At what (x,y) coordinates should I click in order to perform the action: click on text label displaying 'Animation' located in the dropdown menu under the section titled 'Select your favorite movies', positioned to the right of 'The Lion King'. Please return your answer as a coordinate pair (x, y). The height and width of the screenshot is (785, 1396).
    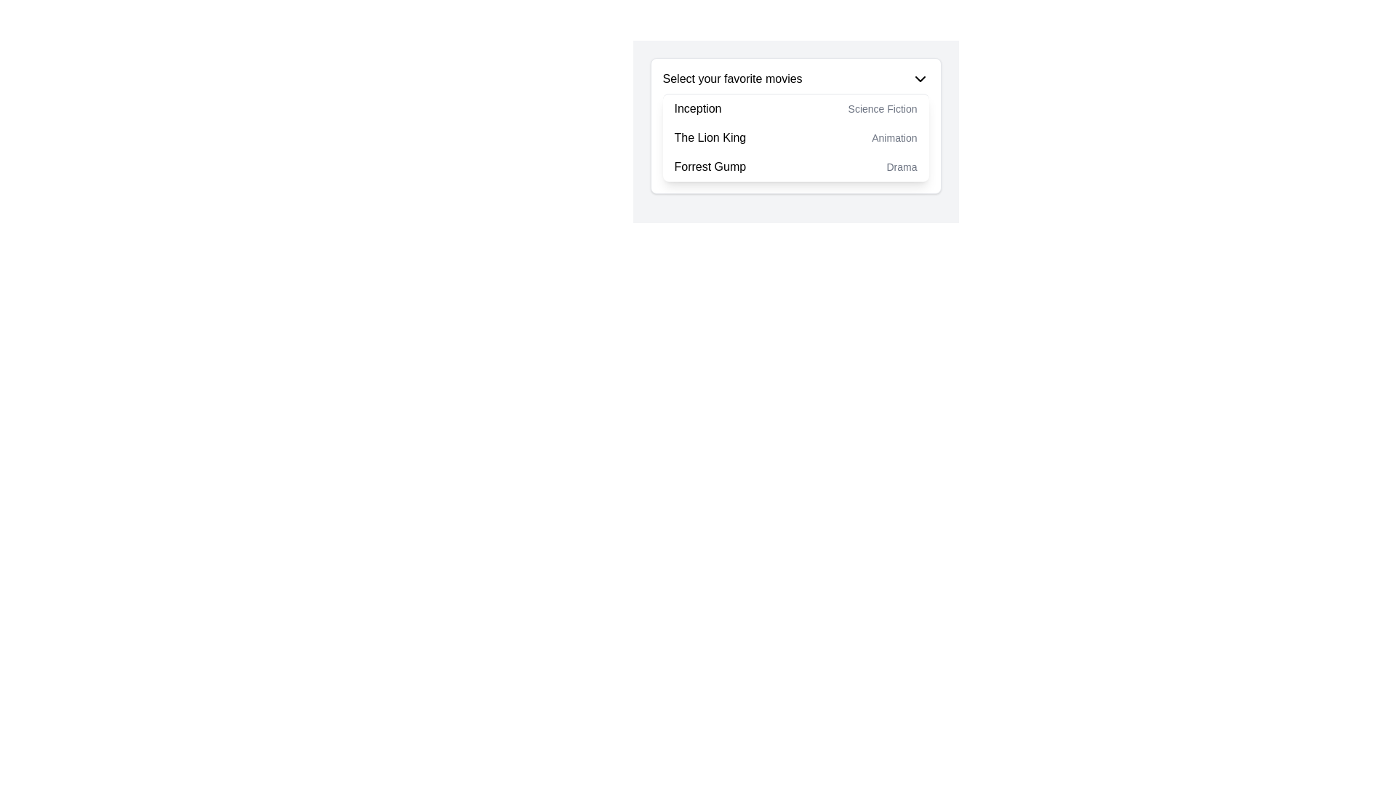
    Looking at the image, I should click on (894, 137).